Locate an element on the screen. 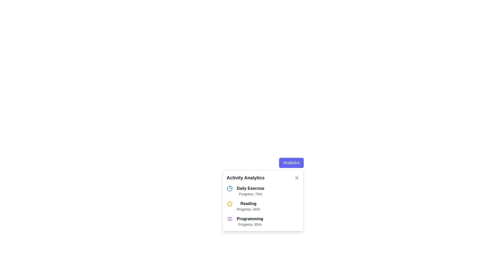 Image resolution: width=488 pixels, height=274 pixels. progress values displayed in the 'Activity Analytics' section, which includes daily exercise, reading, and programming metrics is located at coordinates (263, 200).